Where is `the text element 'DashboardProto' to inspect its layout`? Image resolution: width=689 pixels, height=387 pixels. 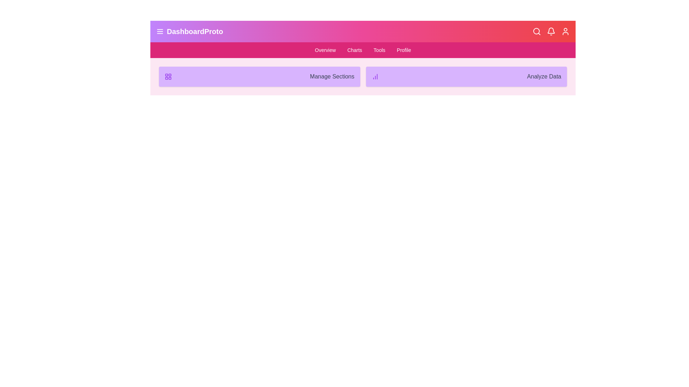
the text element 'DashboardProto' to inspect its layout is located at coordinates (189, 31).